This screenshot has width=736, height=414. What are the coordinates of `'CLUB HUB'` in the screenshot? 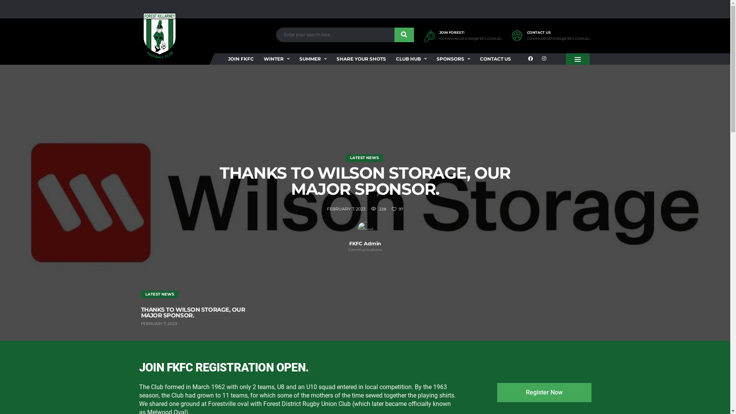 It's located at (411, 59).